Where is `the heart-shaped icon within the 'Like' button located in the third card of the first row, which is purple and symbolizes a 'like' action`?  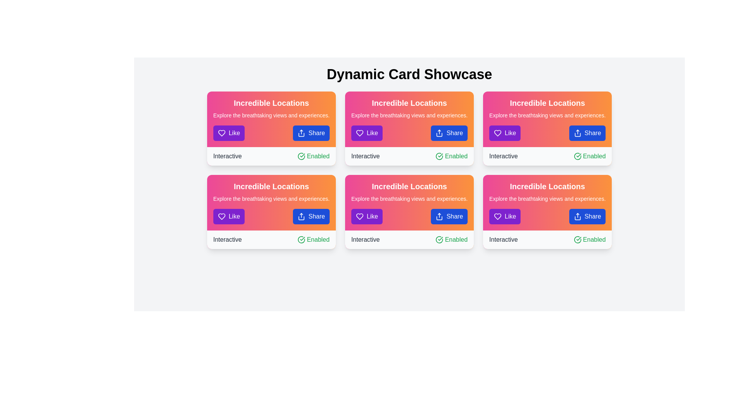 the heart-shaped icon within the 'Like' button located in the third card of the first row, which is purple and symbolizes a 'like' action is located at coordinates (498, 132).